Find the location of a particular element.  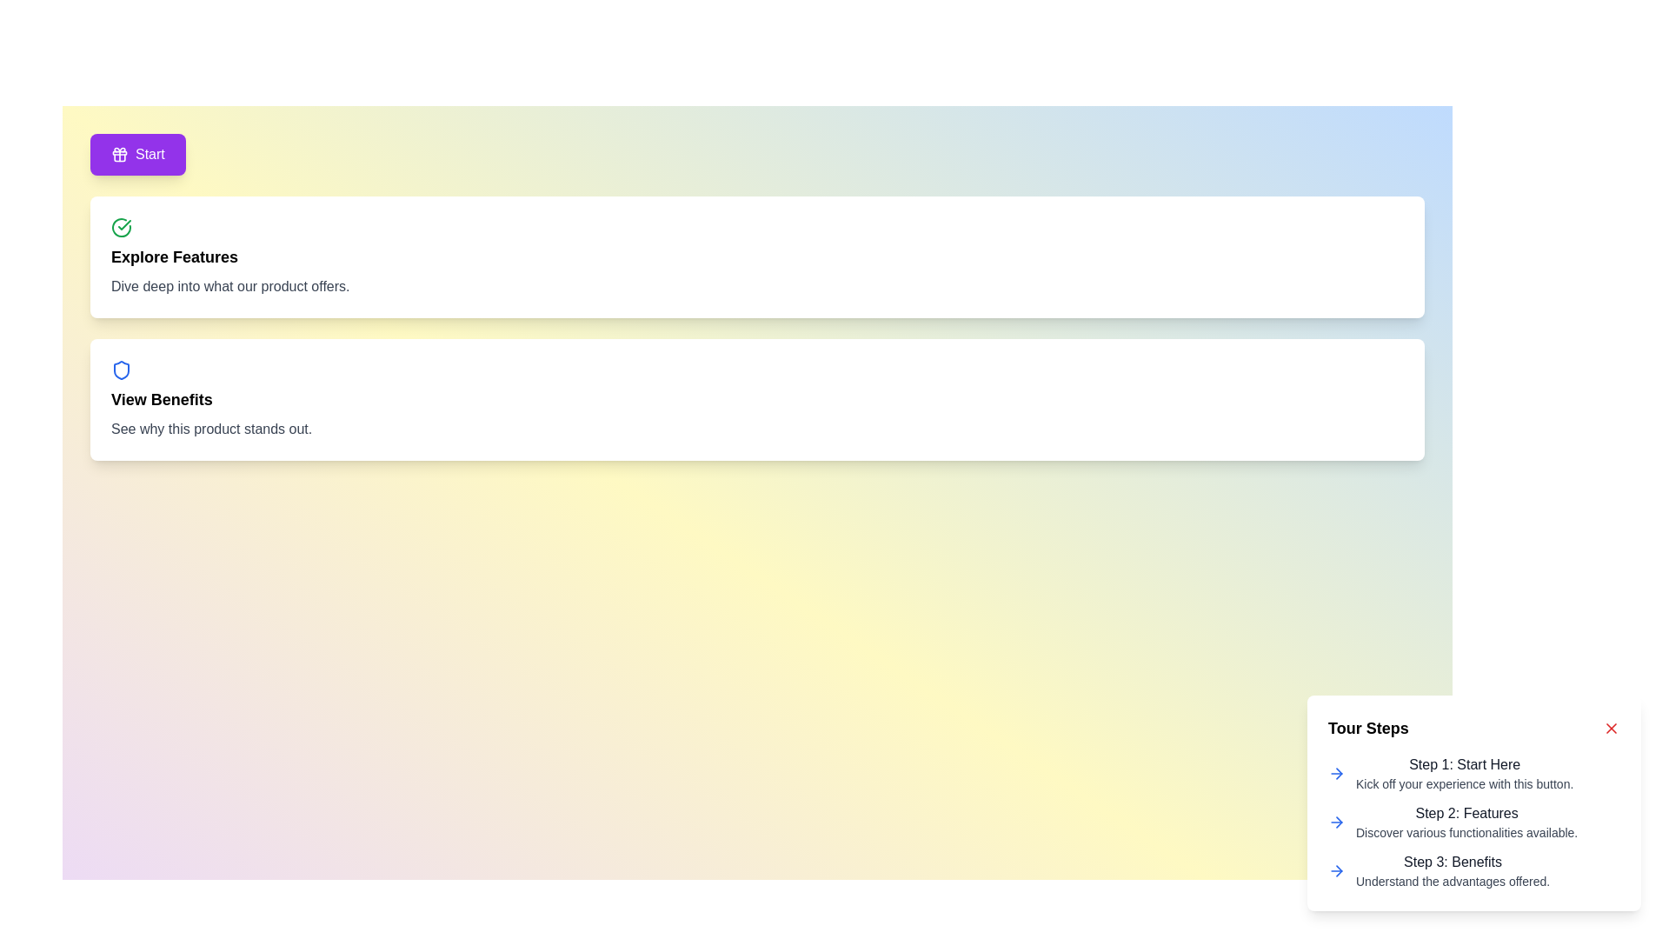

the affirmation icon located at the top-left corner of the 'Explore Features' section, which signifies successful completion is located at coordinates (120, 227).